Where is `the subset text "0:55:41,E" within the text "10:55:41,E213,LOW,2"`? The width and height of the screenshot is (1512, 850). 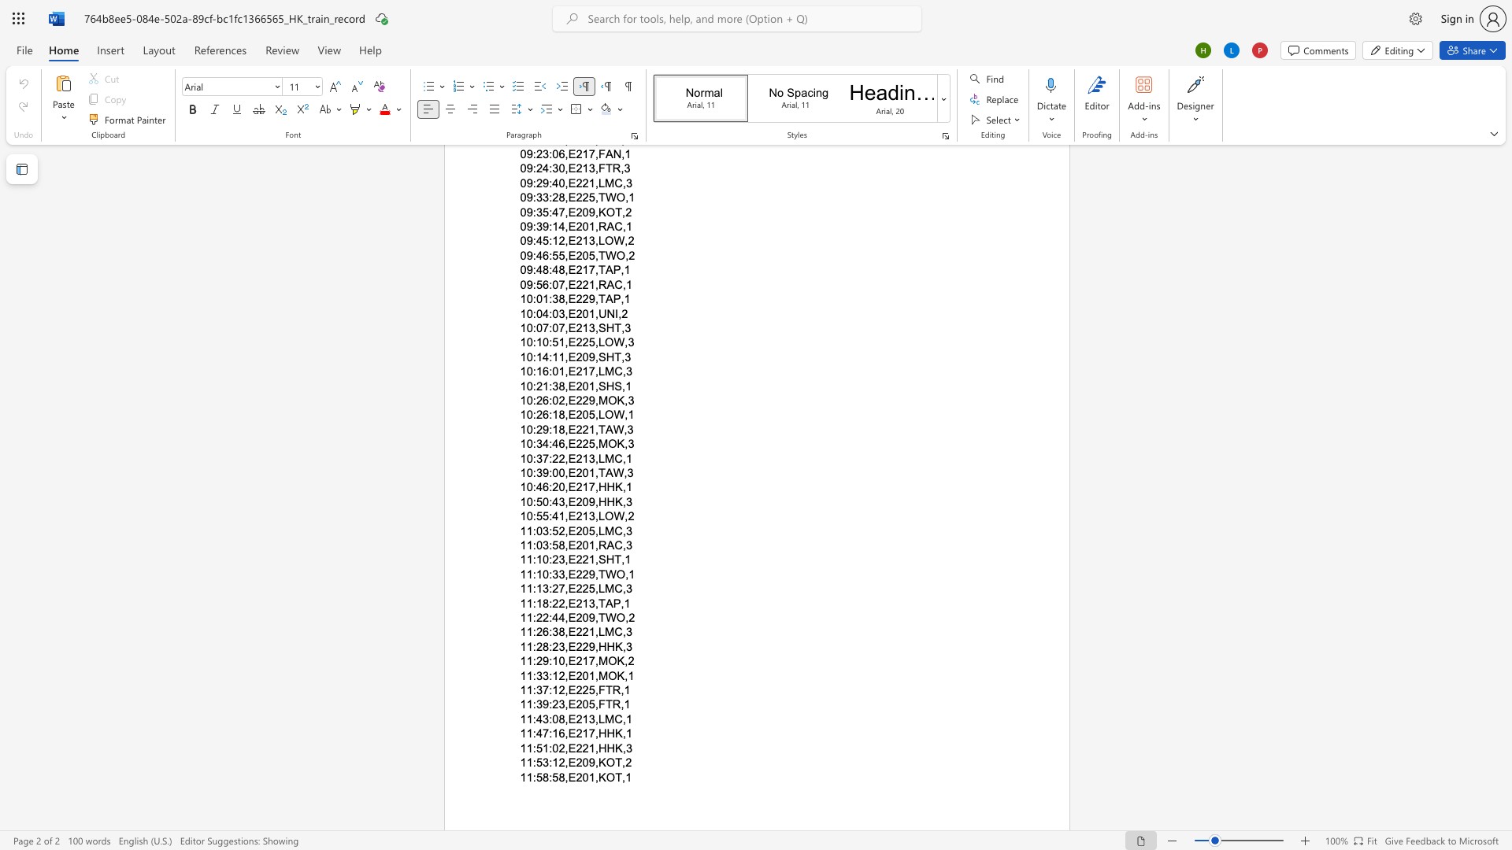
the subset text "0:55:41,E" within the text "10:55:41,E213,LOW,2" is located at coordinates (526, 516).